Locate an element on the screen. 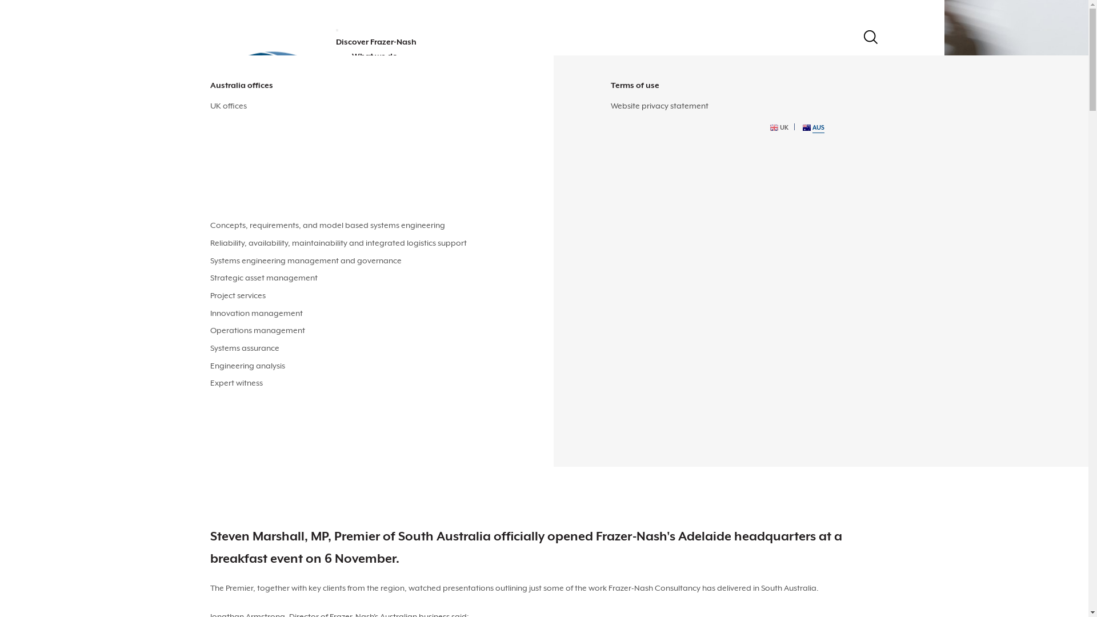 The image size is (1097, 617). 'AUS' is located at coordinates (812, 127).